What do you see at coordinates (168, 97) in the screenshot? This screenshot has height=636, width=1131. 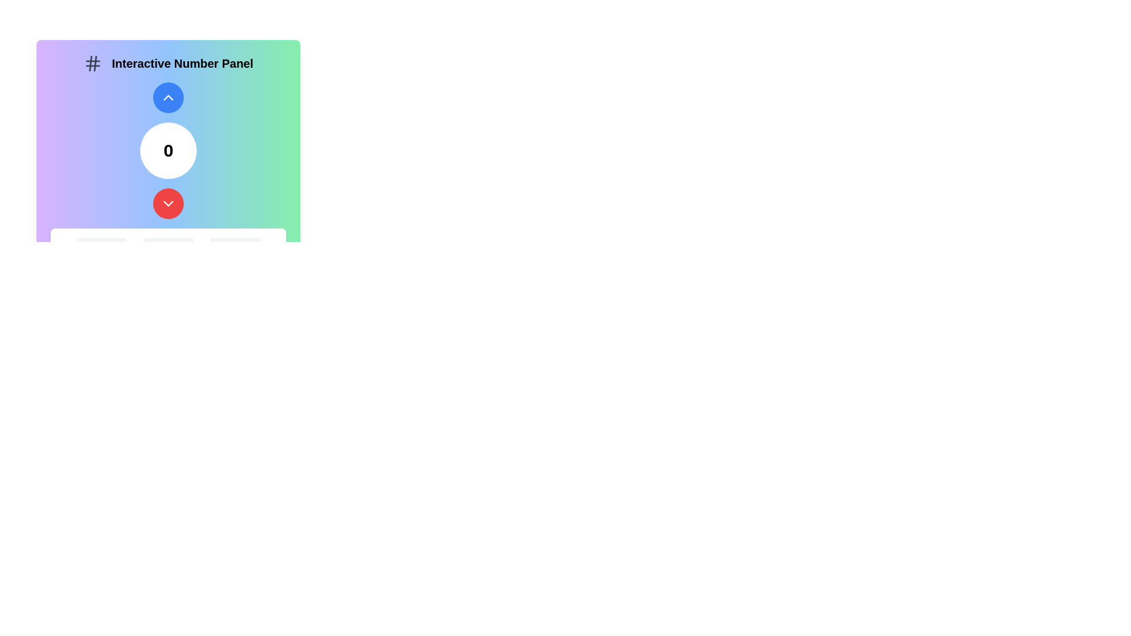 I see `the circular blue button with a white upward-facing chevron icon to increment the number` at bounding box center [168, 97].